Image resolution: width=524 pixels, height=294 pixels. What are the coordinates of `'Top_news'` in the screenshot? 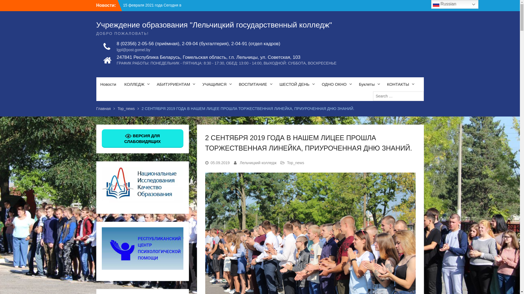 It's located at (295, 162).